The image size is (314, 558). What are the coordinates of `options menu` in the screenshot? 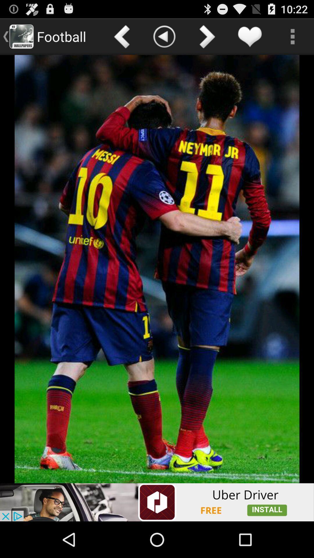 It's located at (292, 36).